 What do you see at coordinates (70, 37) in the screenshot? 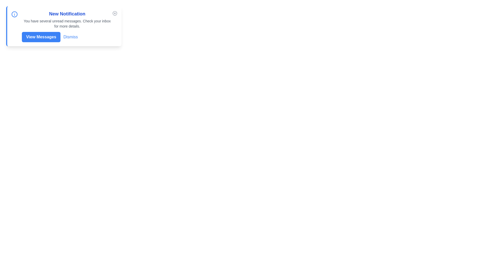
I see `the blue text link labeled 'Dismiss'` at bounding box center [70, 37].